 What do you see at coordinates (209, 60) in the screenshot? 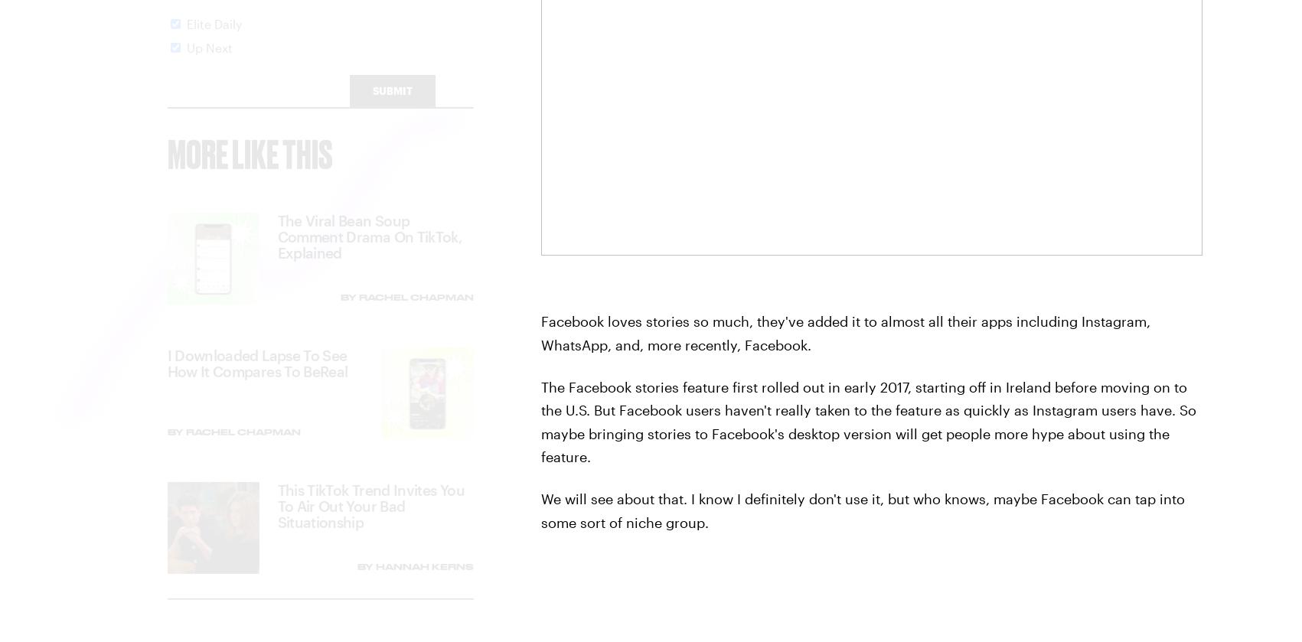
I see `'Up Next'` at bounding box center [209, 60].